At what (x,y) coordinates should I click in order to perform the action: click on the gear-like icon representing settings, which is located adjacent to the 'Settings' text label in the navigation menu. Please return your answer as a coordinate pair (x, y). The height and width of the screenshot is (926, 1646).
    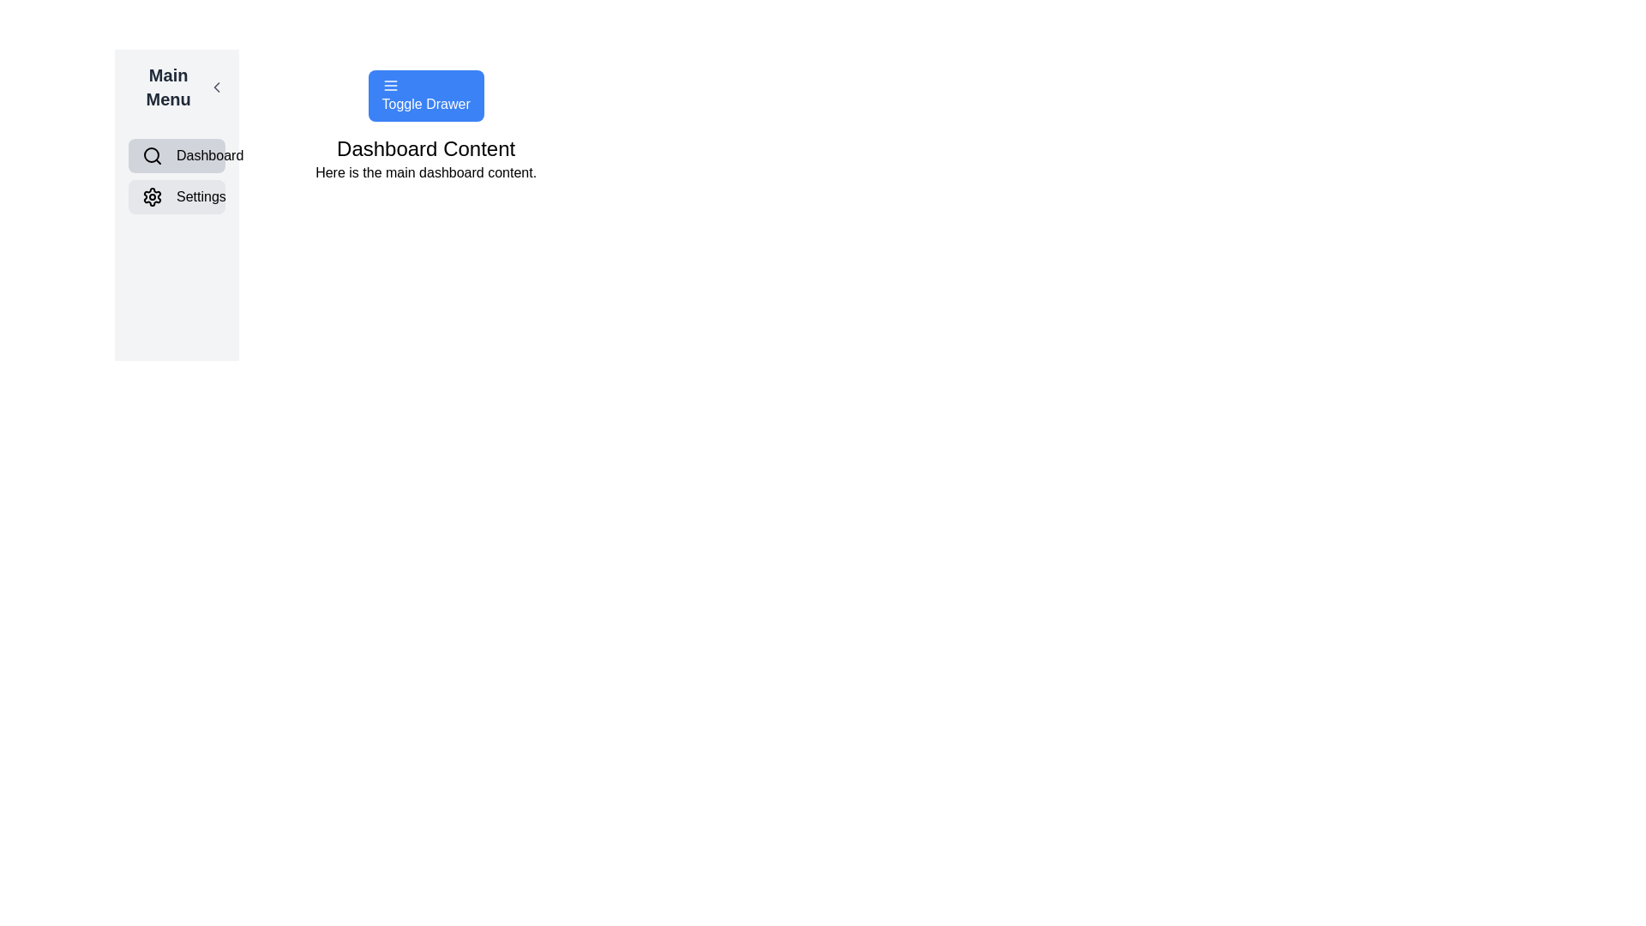
    Looking at the image, I should click on (152, 196).